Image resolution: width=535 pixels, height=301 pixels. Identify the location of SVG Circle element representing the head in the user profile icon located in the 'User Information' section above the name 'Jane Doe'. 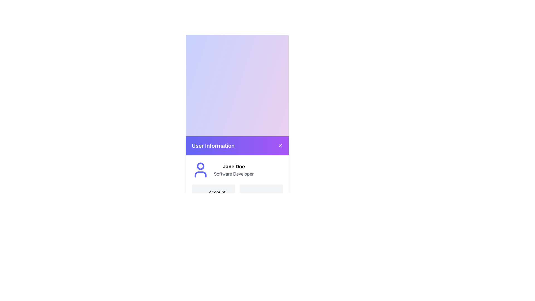
(201, 166).